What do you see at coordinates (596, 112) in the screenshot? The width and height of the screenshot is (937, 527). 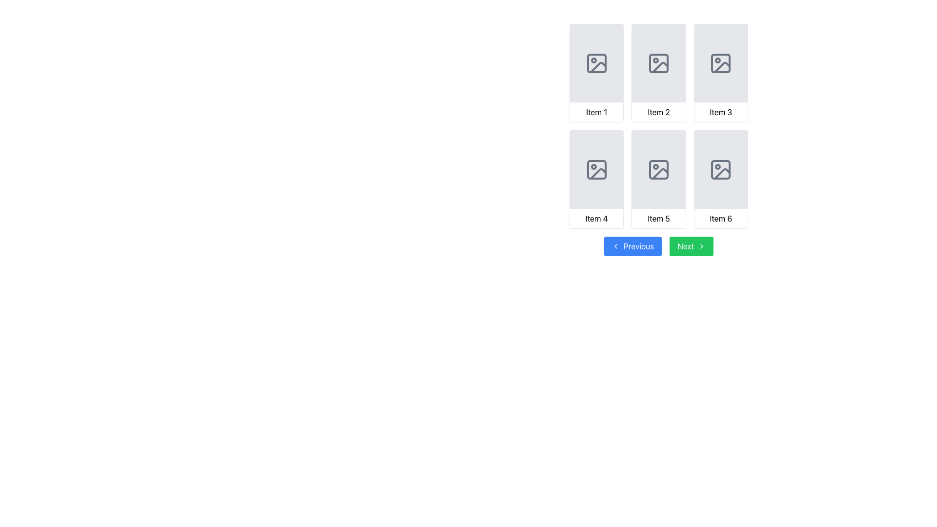 I see `the static text label located below the image placeholder in the first item of a 2x3 grid layout` at bounding box center [596, 112].